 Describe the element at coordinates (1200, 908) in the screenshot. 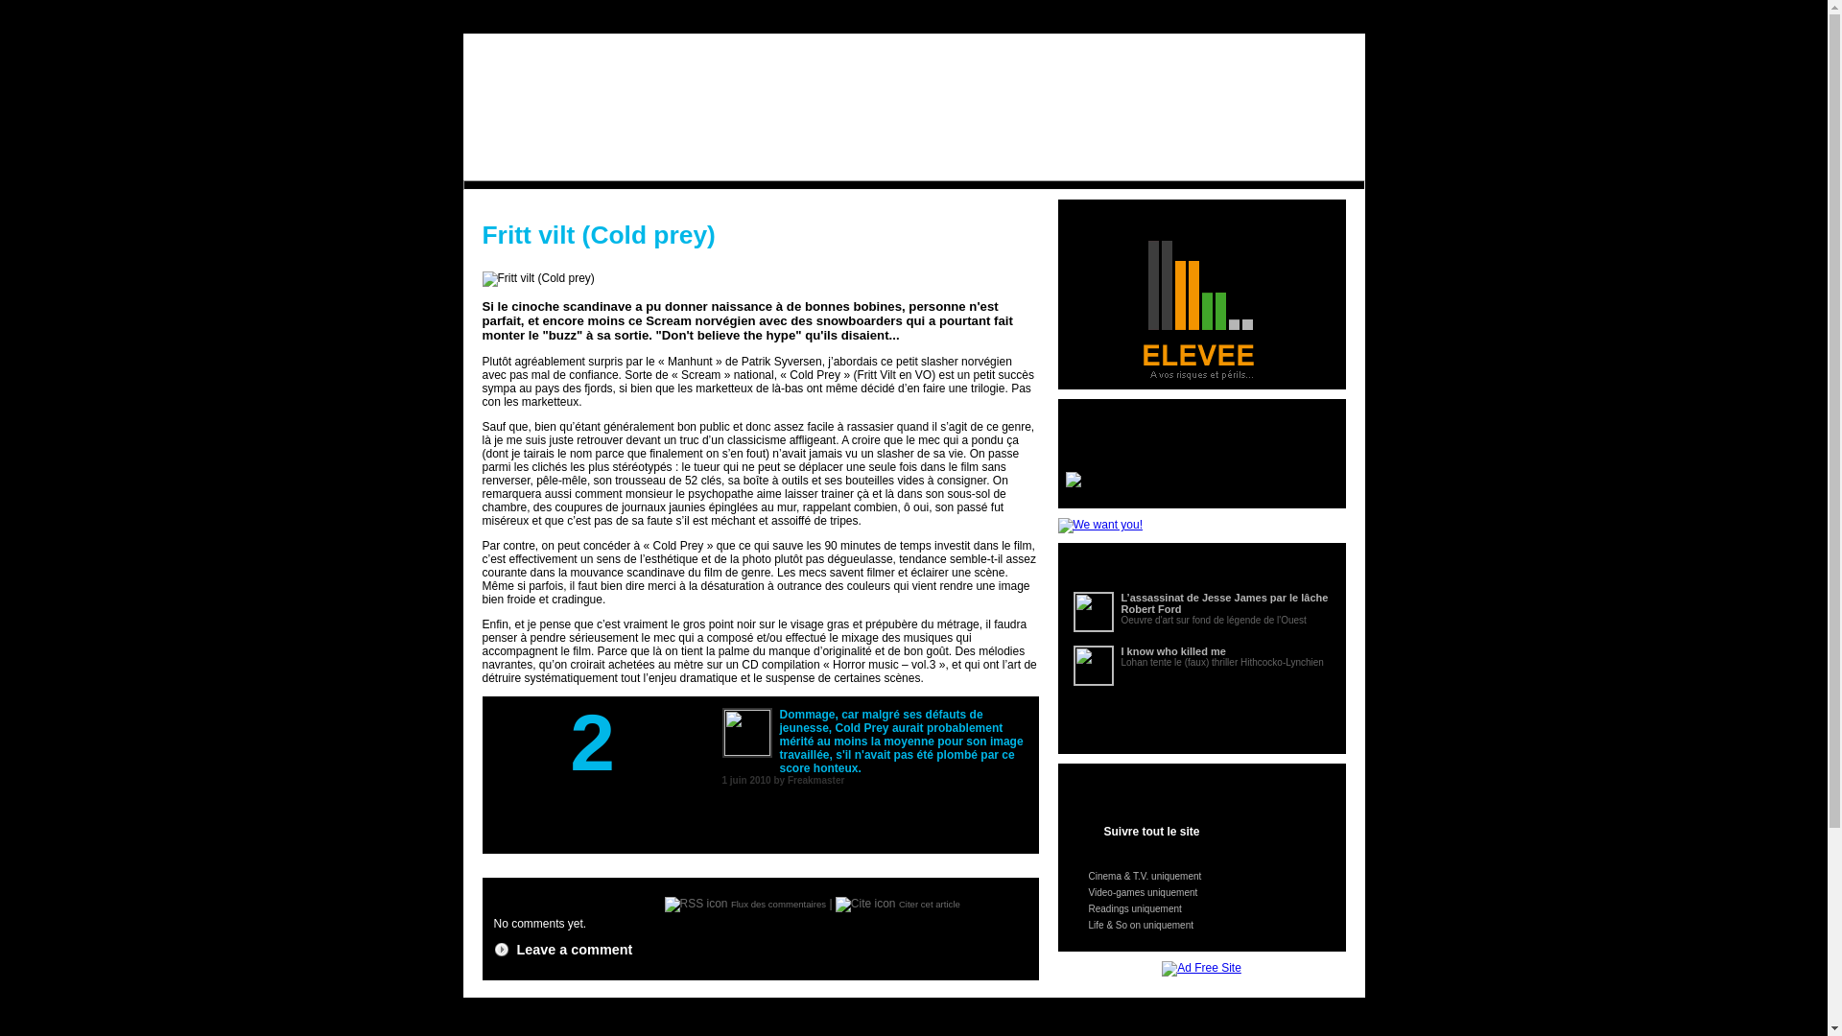

I see `'Readings uniquement'` at that location.